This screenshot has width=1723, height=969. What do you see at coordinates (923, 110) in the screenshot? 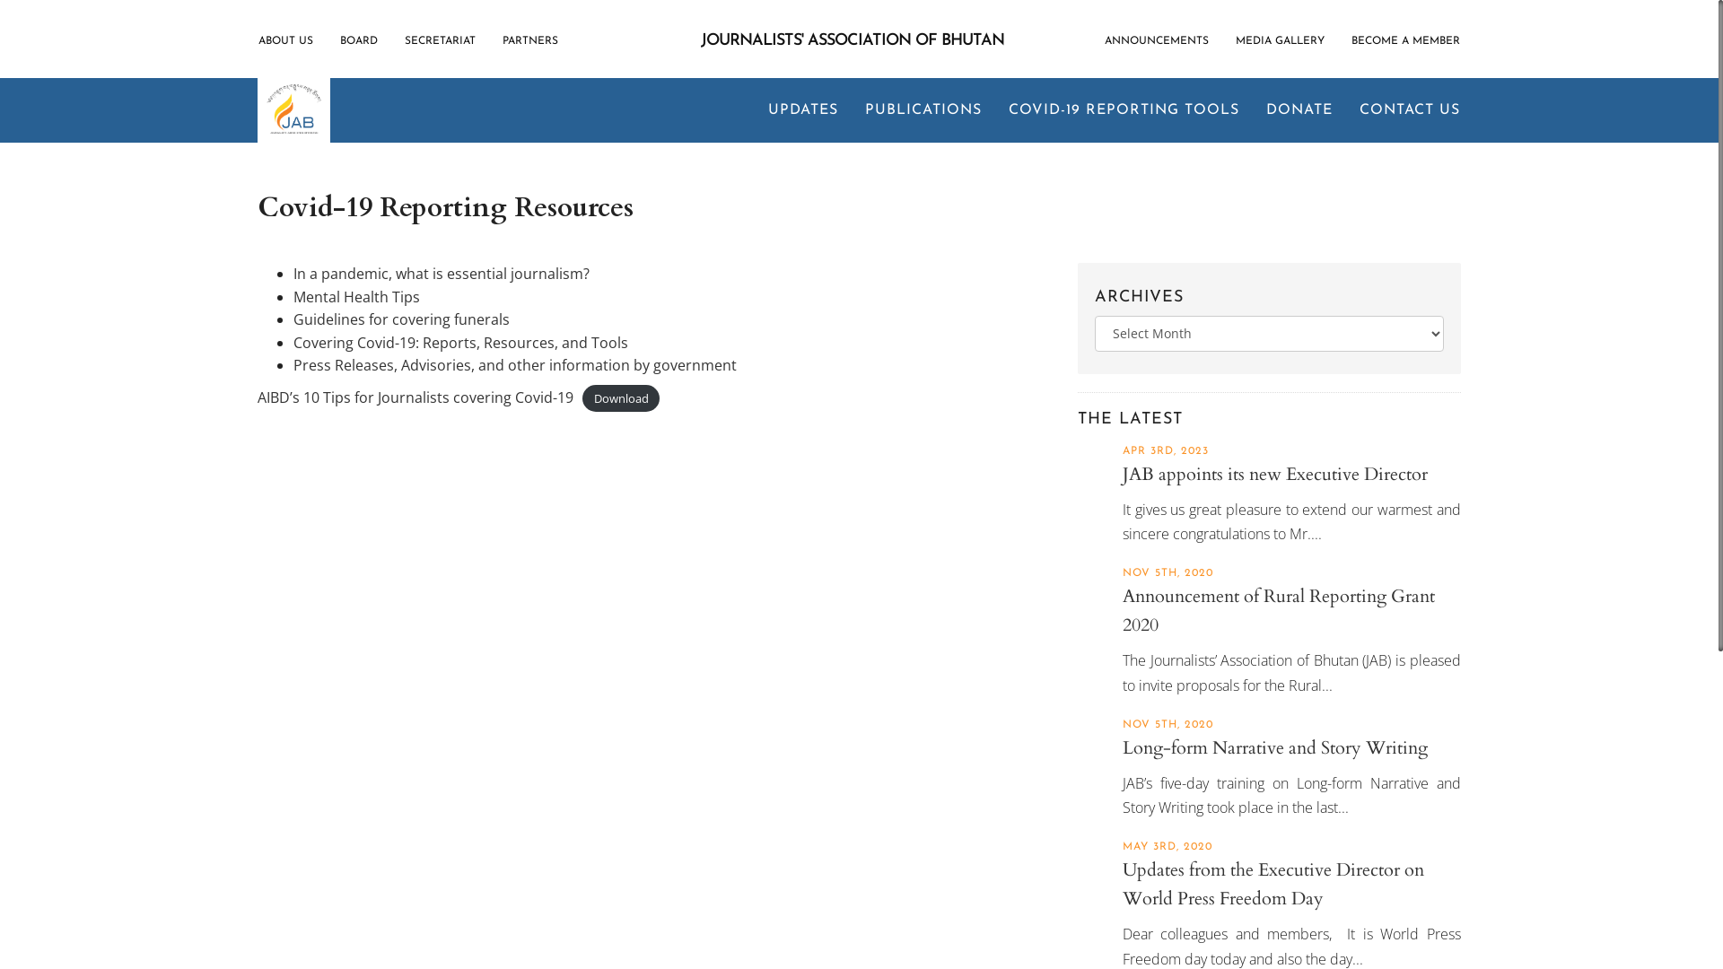
I see `'PUBLICATIONS'` at bounding box center [923, 110].